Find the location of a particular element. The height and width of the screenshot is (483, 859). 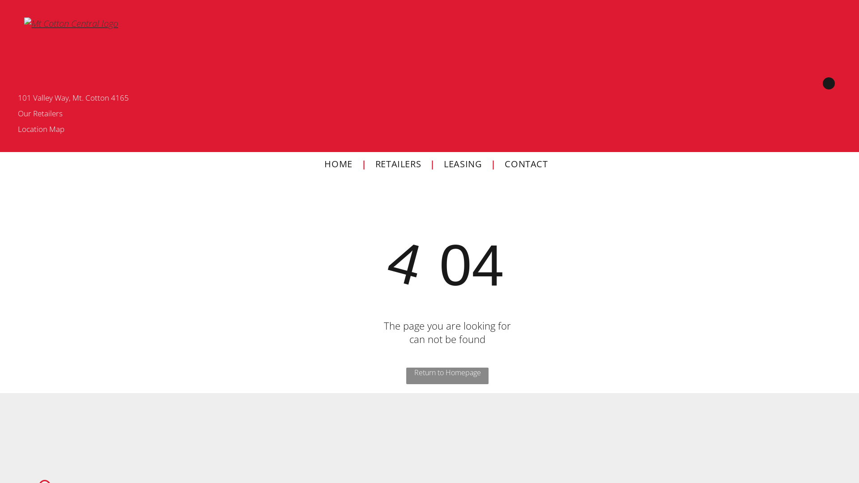

'CONTACT' is located at coordinates (526, 164).